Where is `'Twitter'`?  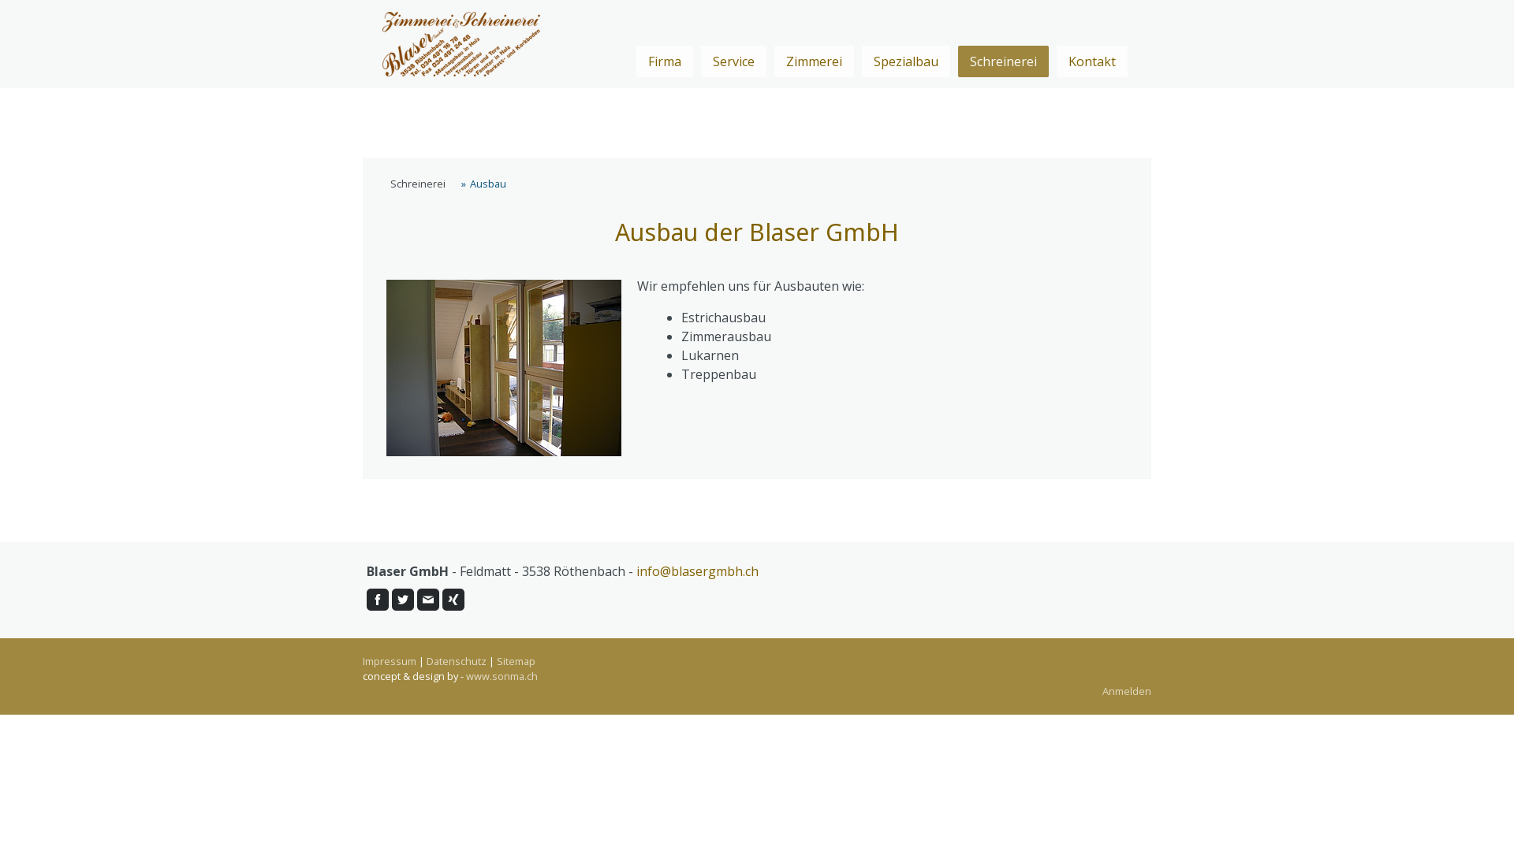 'Twitter' is located at coordinates (392, 598).